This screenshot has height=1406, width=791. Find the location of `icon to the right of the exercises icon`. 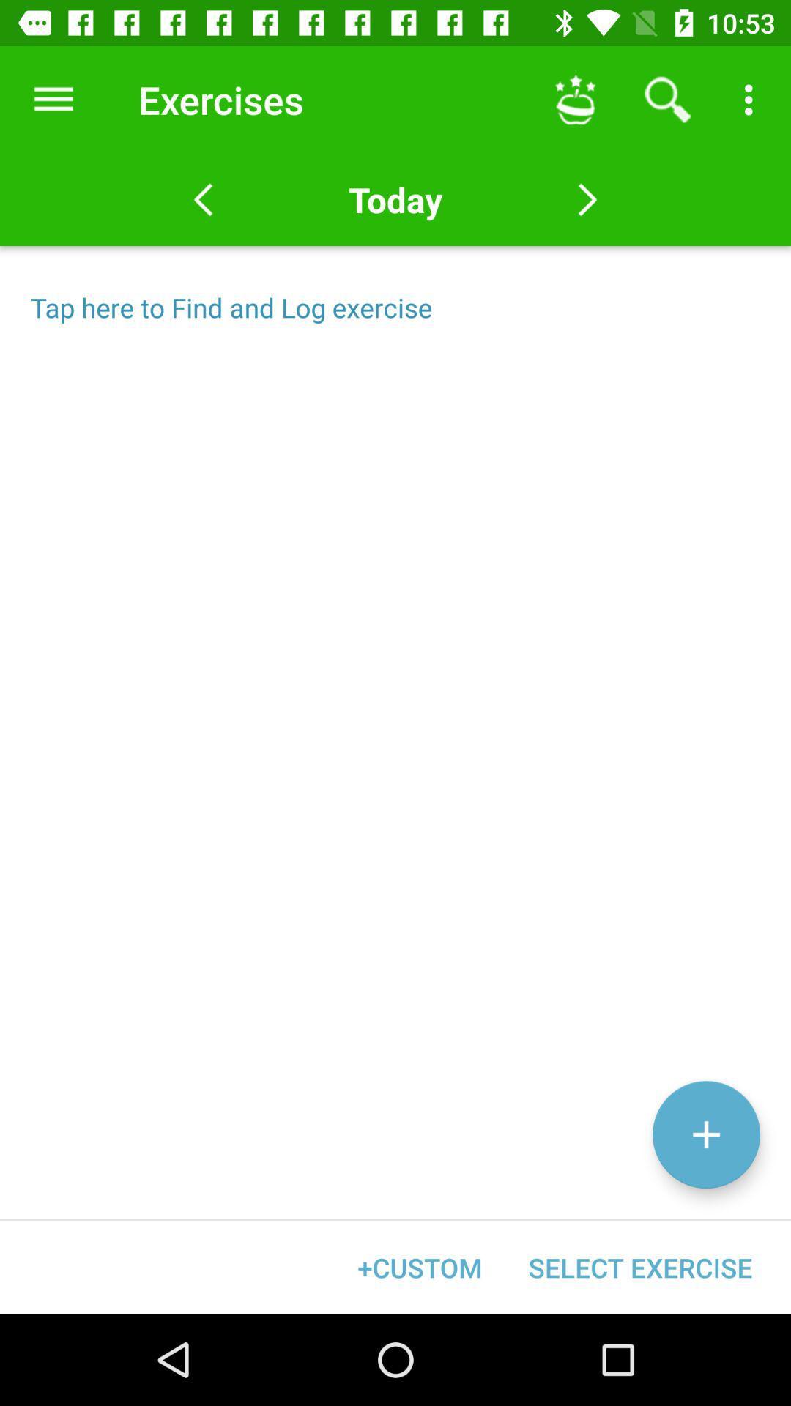

icon to the right of the exercises icon is located at coordinates (575, 99).